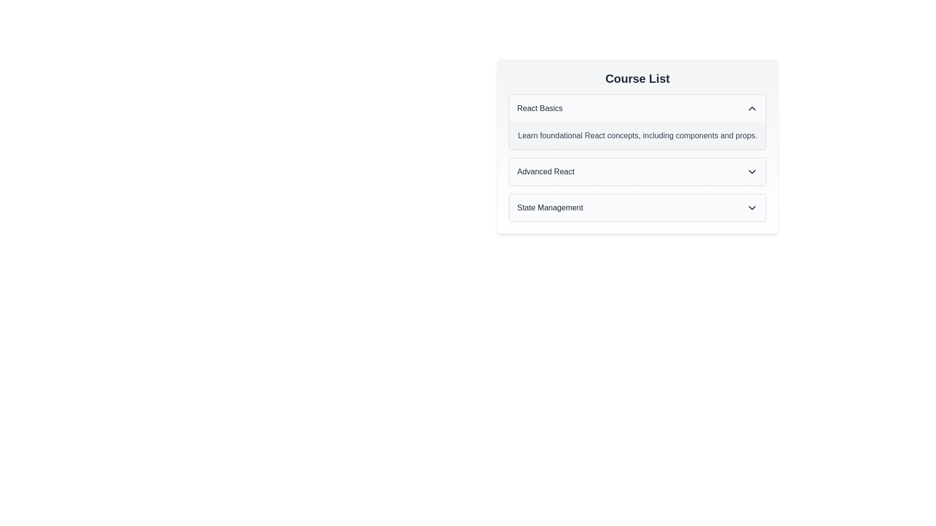  Describe the element at coordinates (638, 207) in the screenshot. I see `the Toggle Button labeled 'State Management' located at the bottom of the Course List section, which features a collapsible chevron icon on the right` at that location.